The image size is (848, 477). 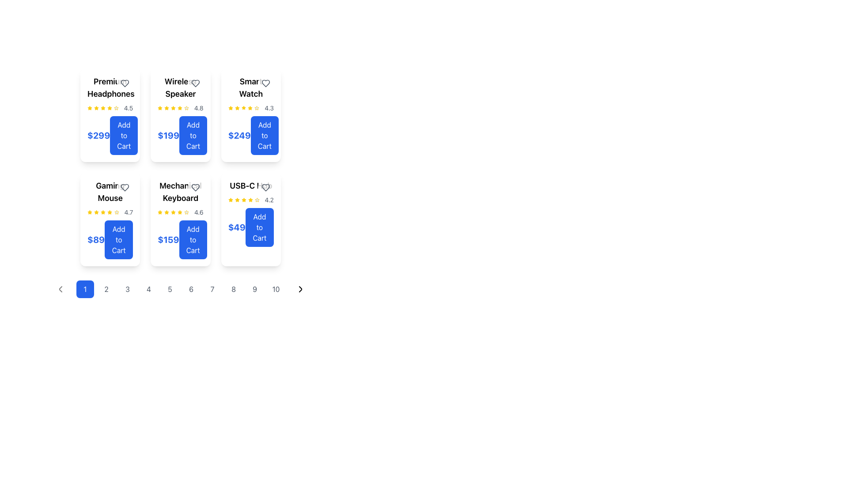 I want to click on the fifth star icon representing part of a rating system, which is located to the right of the text content '4.5', so click(x=103, y=108).